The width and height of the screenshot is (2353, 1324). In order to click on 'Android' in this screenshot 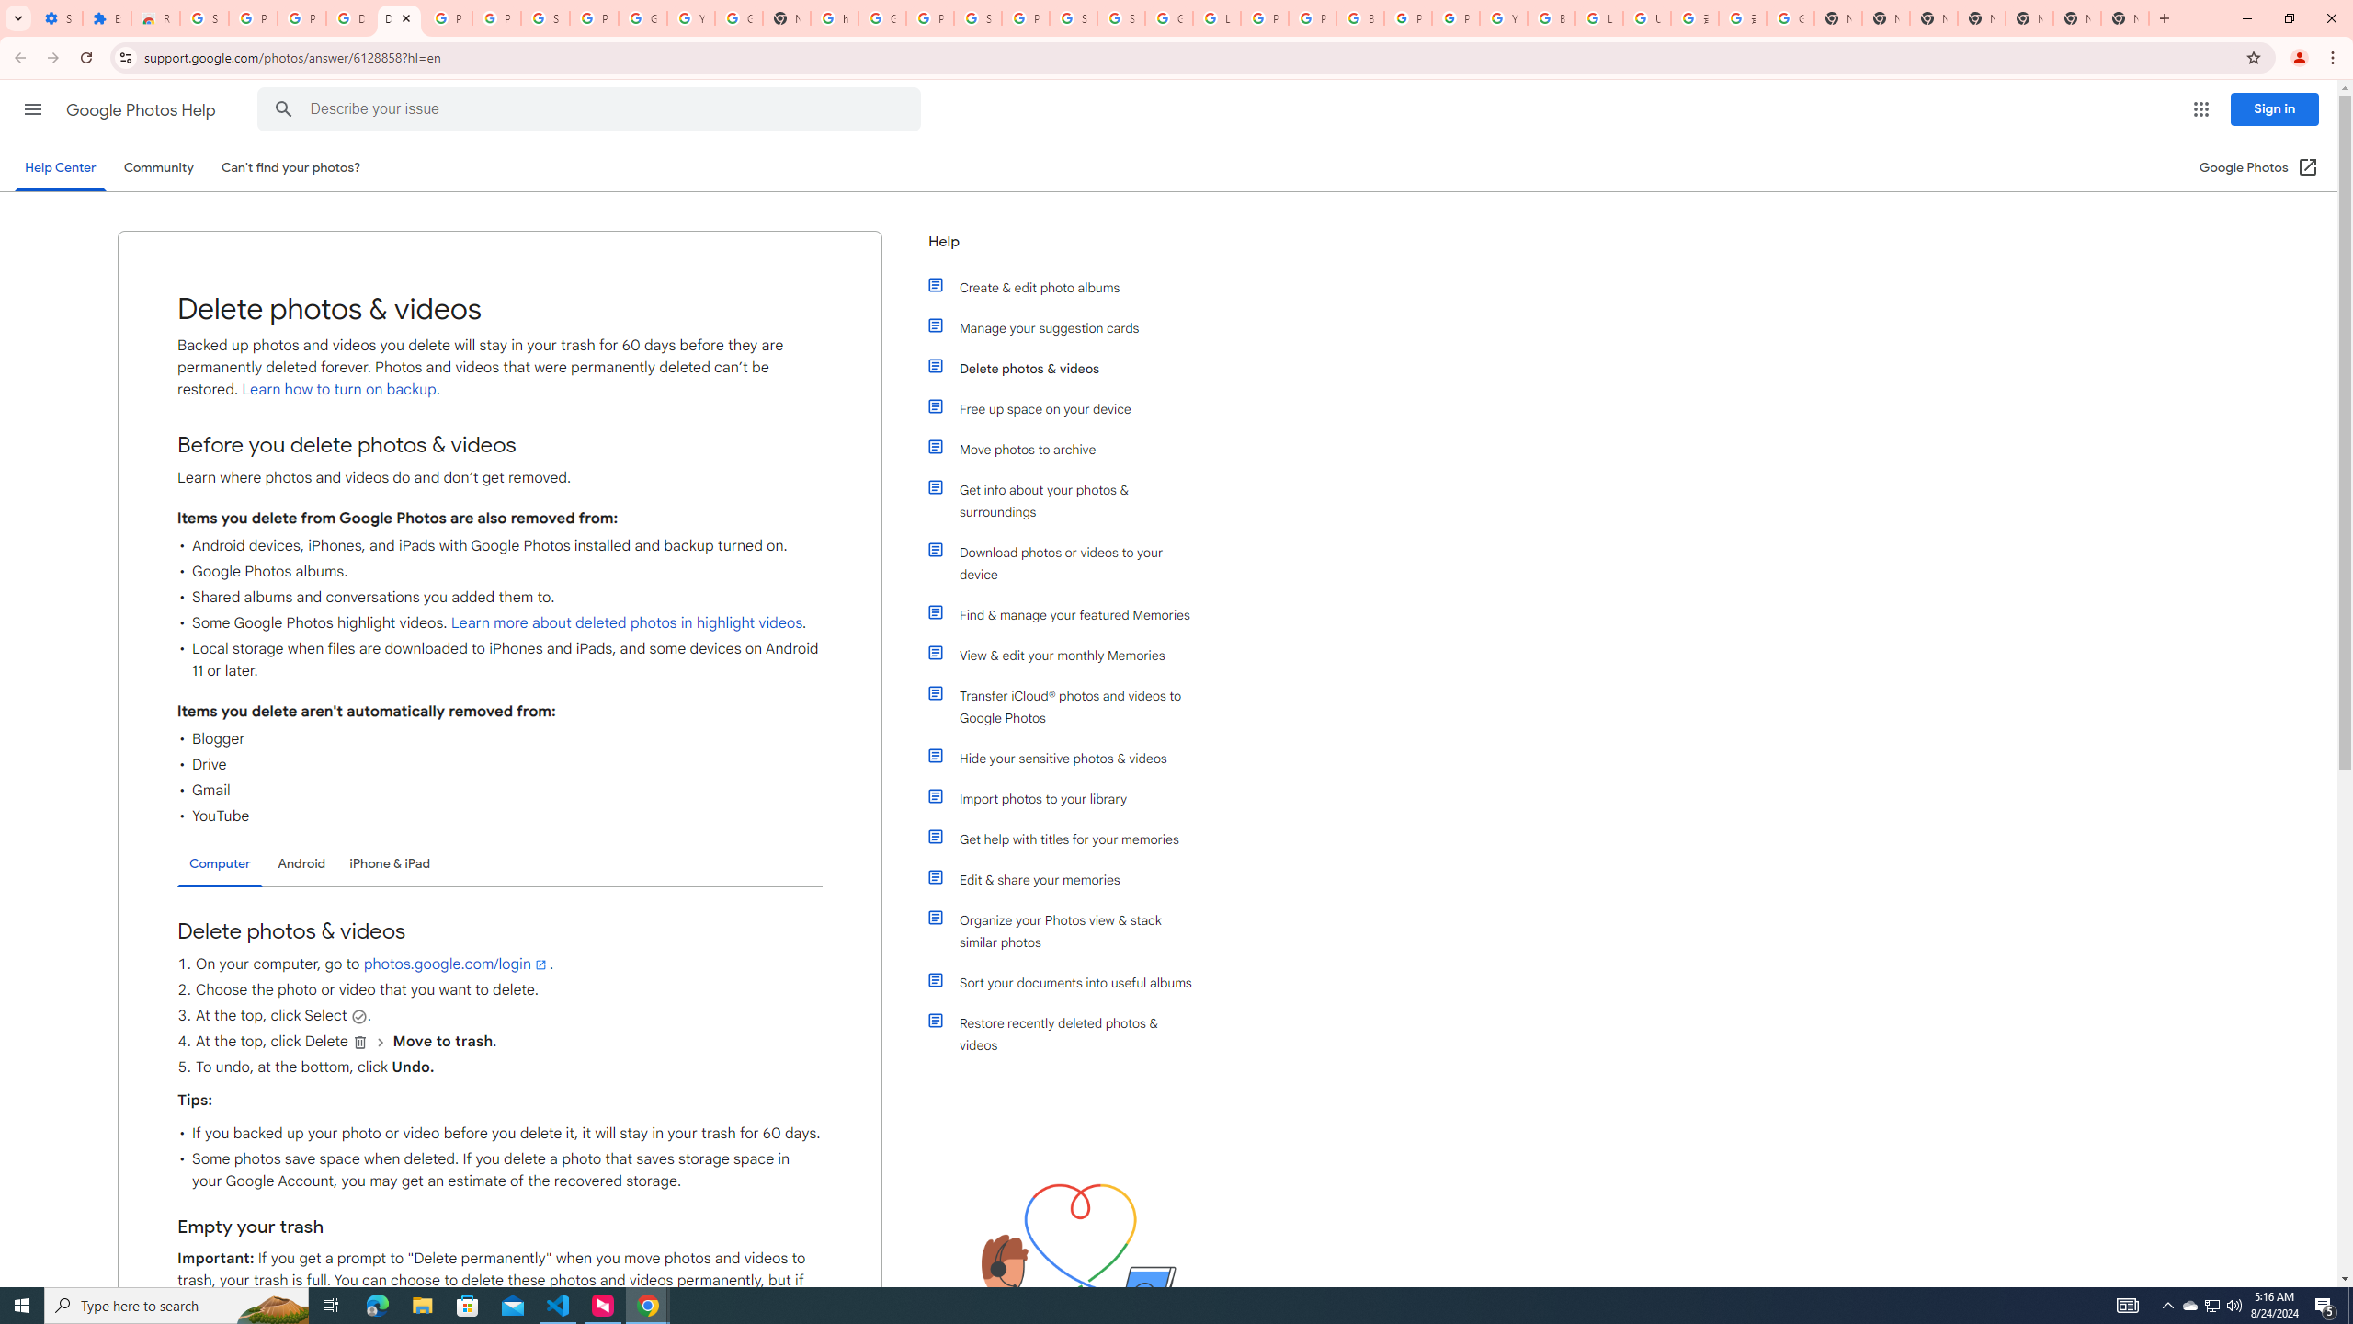, I will do `click(301, 862)`.